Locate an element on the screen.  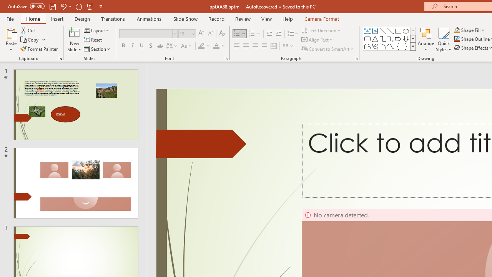
'Numbering' is located at coordinates (254, 33).